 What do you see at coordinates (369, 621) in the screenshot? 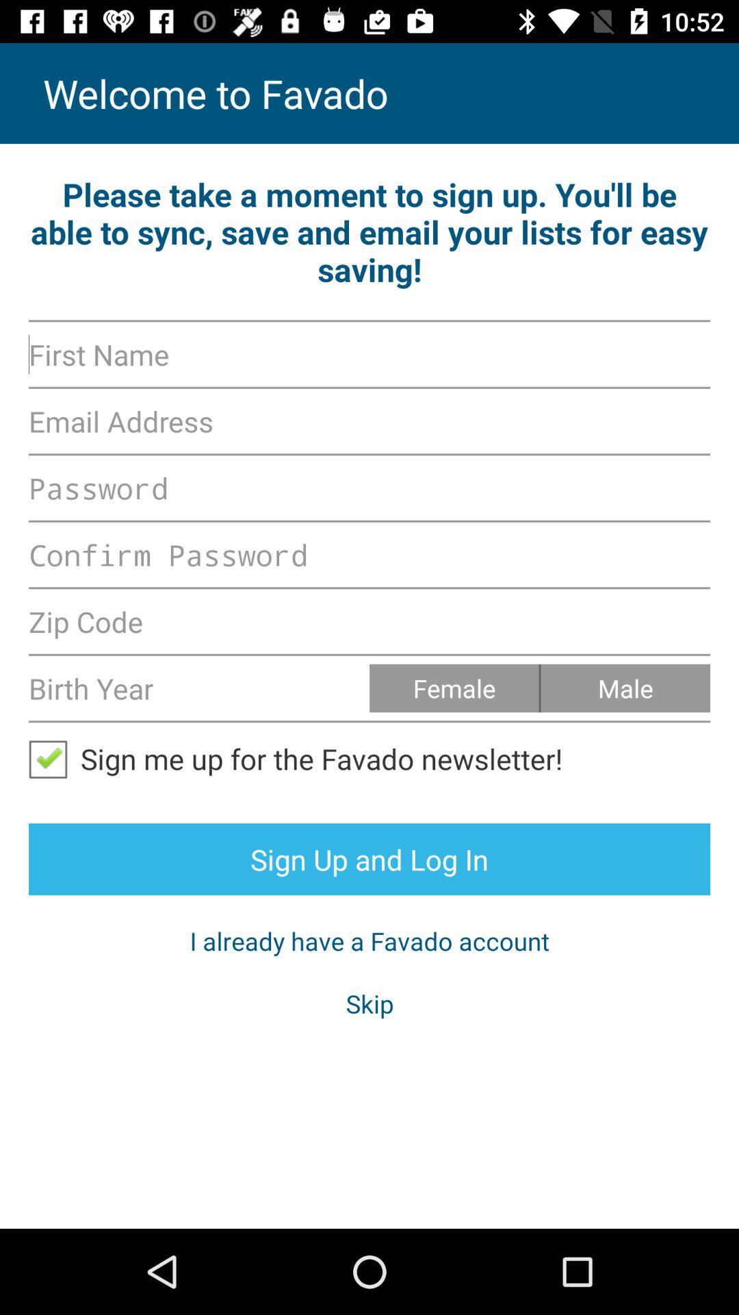
I see `zip code adding option` at bounding box center [369, 621].